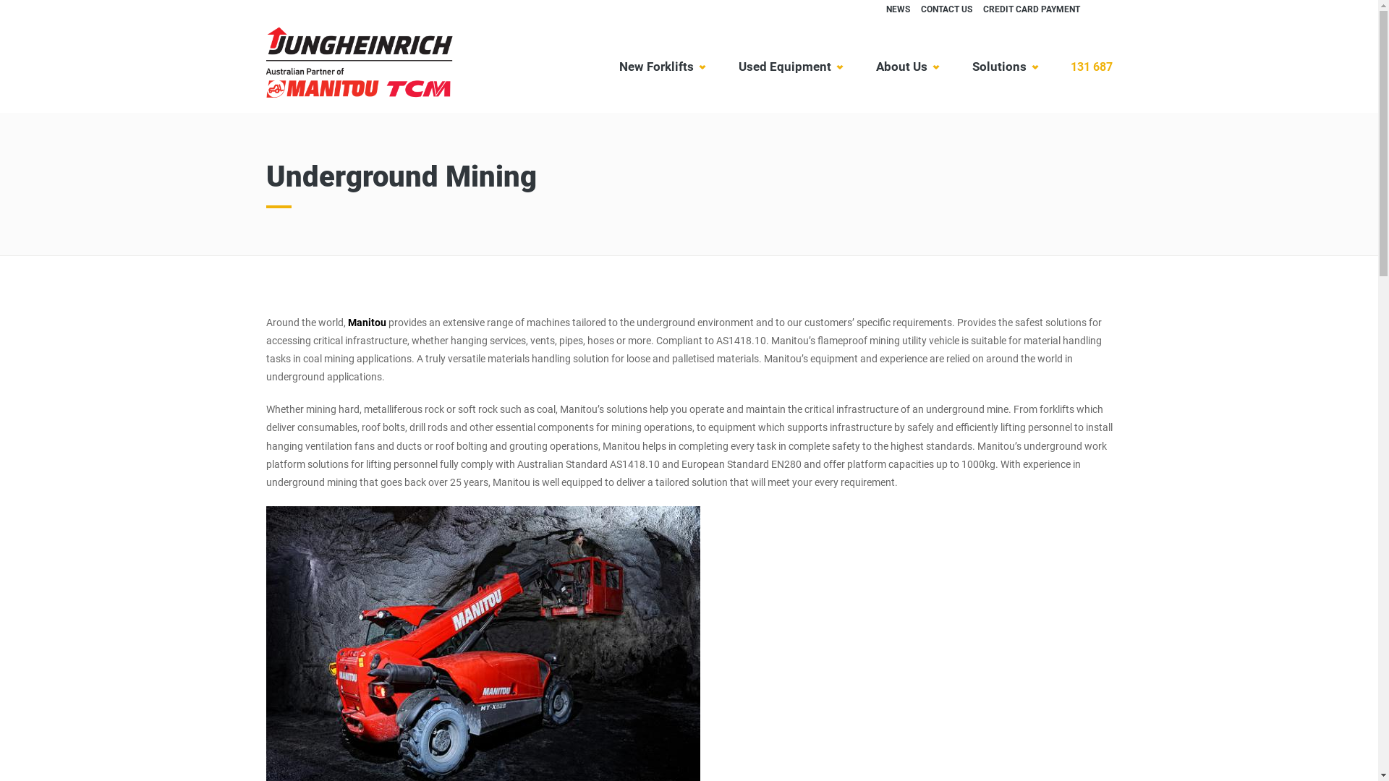 The height and width of the screenshot is (781, 1389). I want to click on 'NEWS', so click(897, 9).